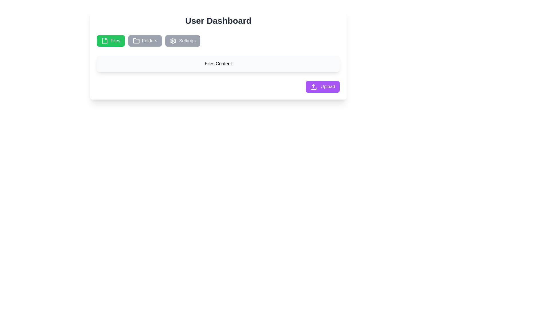 The image size is (550, 309). I want to click on the 'Files' text label, so click(115, 40).